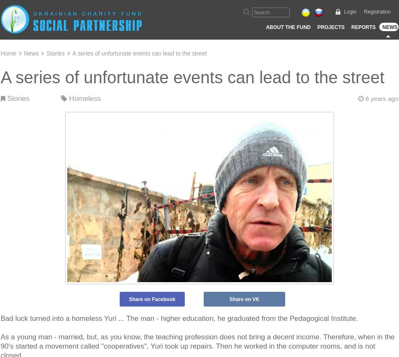 The height and width of the screenshot is (357, 399). What do you see at coordinates (377, 11) in the screenshot?
I see `'Registration'` at bounding box center [377, 11].